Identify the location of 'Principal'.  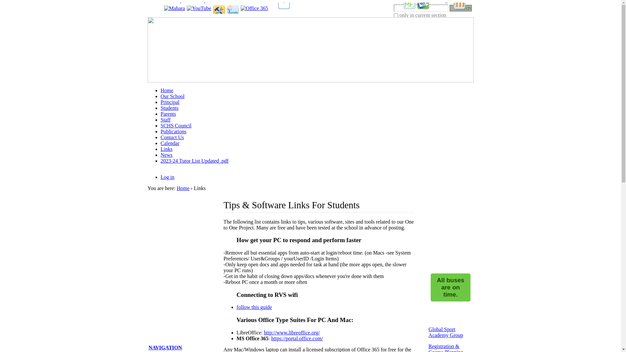
(170, 102).